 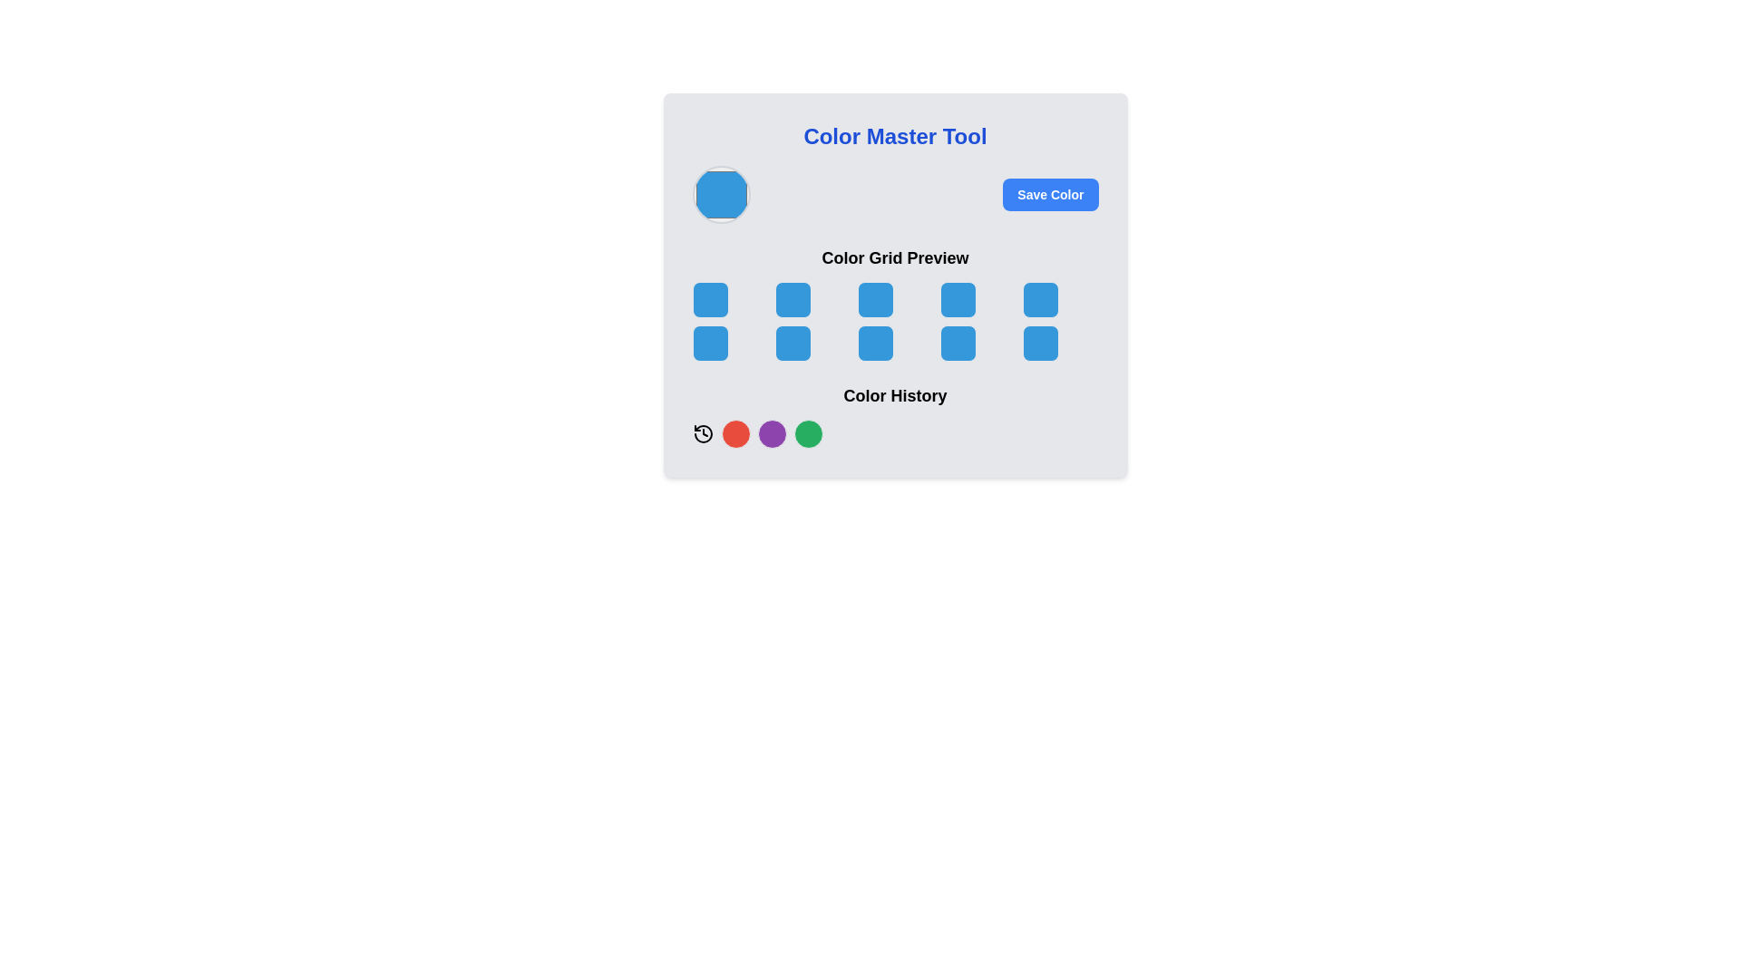 What do you see at coordinates (709, 299) in the screenshot?
I see `the inactive button styled as a grid item located in the top-left corner of the 'Color Grid Preview' section, which has a solid blue background and rounded corners` at bounding box center [709, 299].